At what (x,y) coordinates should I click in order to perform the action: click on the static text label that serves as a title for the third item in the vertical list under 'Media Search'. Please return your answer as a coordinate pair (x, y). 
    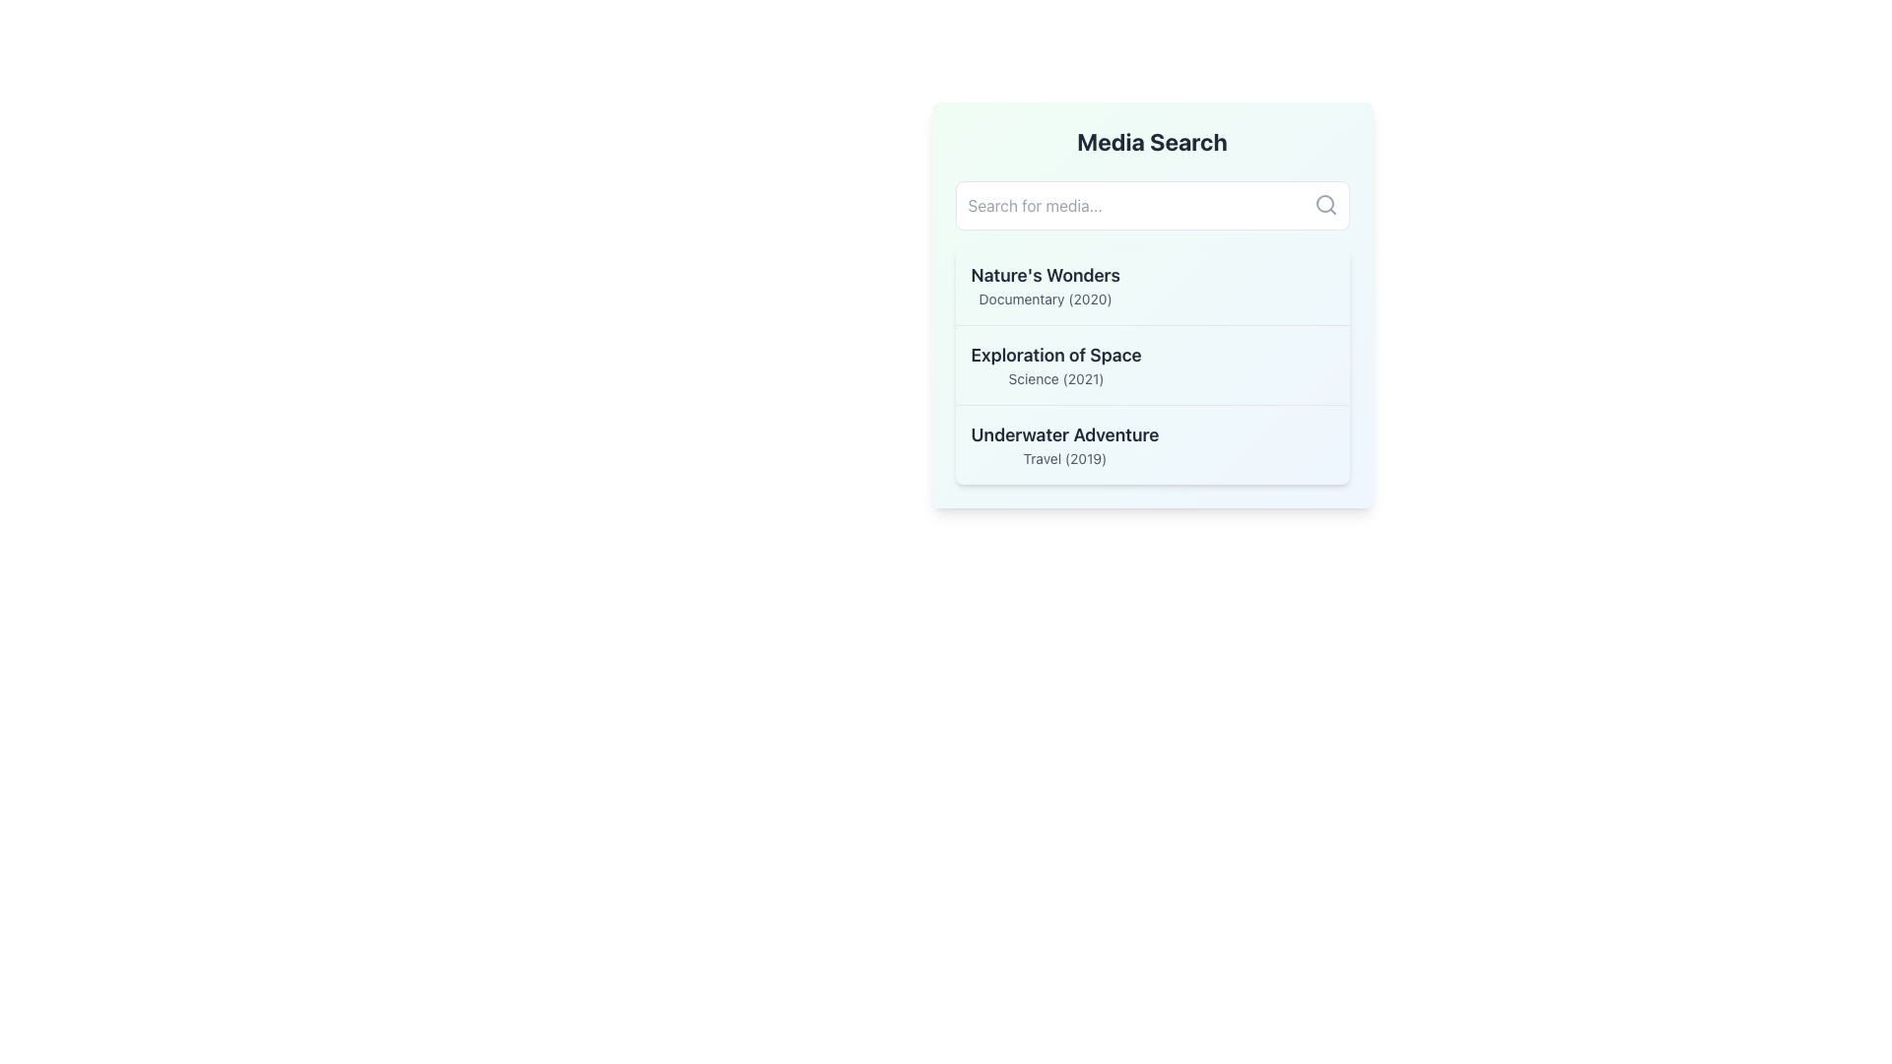
    Looking at the image, I should click on (1063, 434).